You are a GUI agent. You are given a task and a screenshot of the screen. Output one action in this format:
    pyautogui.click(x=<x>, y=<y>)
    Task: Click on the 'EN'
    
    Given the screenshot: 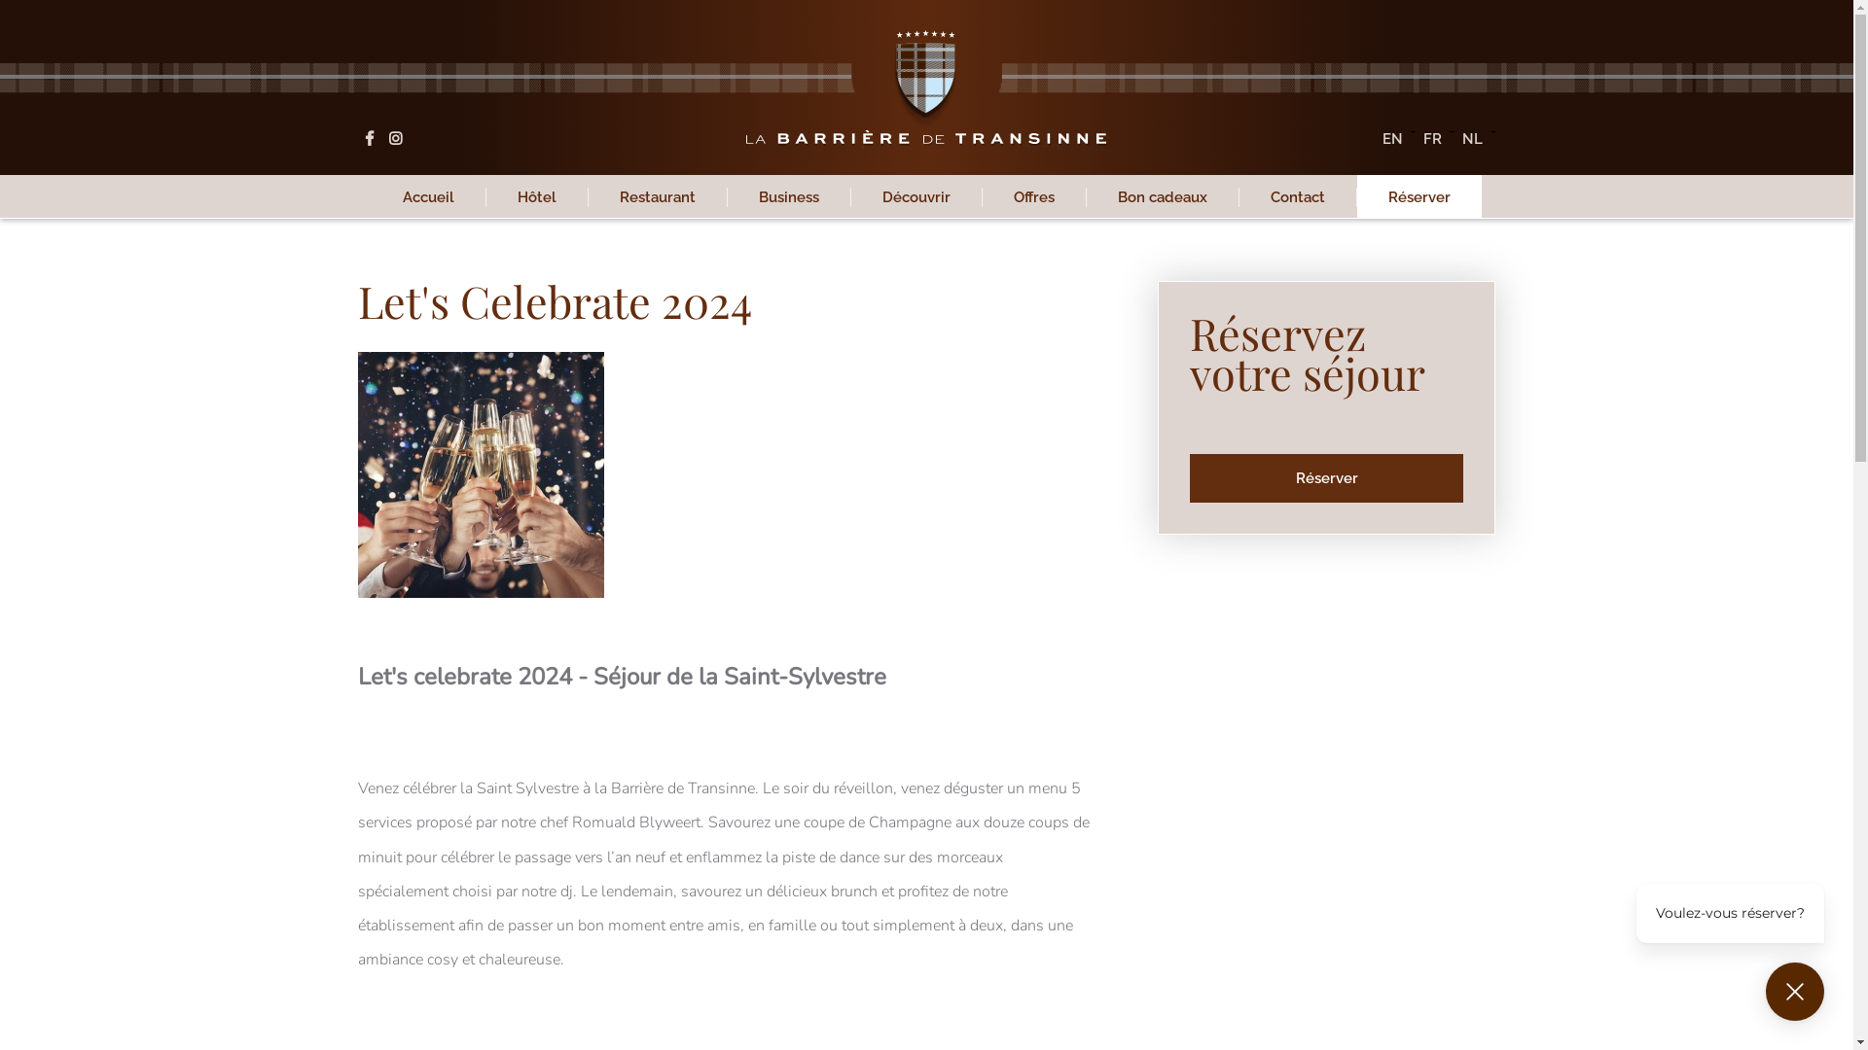 What is the action you would take?
    pyautogui.click(x=1391, y=137)
    